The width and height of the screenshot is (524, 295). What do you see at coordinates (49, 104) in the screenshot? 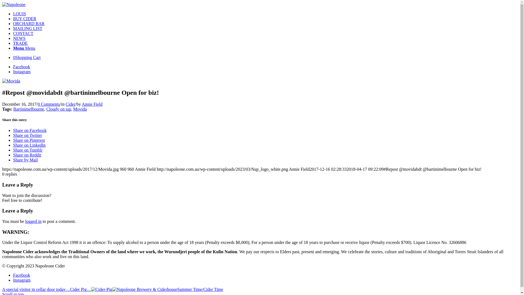
I see `'0 Comments'` at bounding box center [49, 104].